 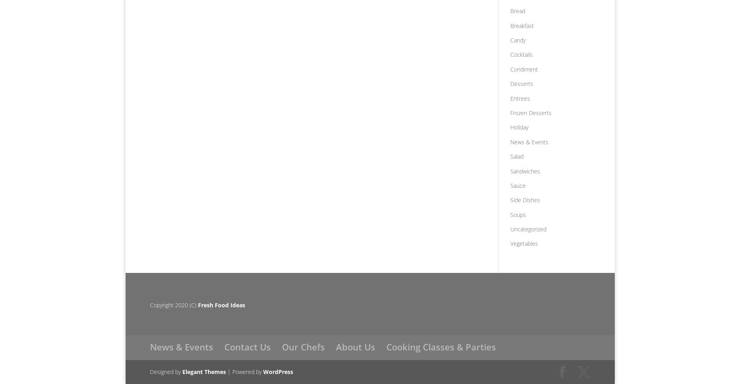 What do you see at coordinates (173, 304) in the screenshot?
I see `'Copyright 2020 (C)'` at bounding box center [173, 304].